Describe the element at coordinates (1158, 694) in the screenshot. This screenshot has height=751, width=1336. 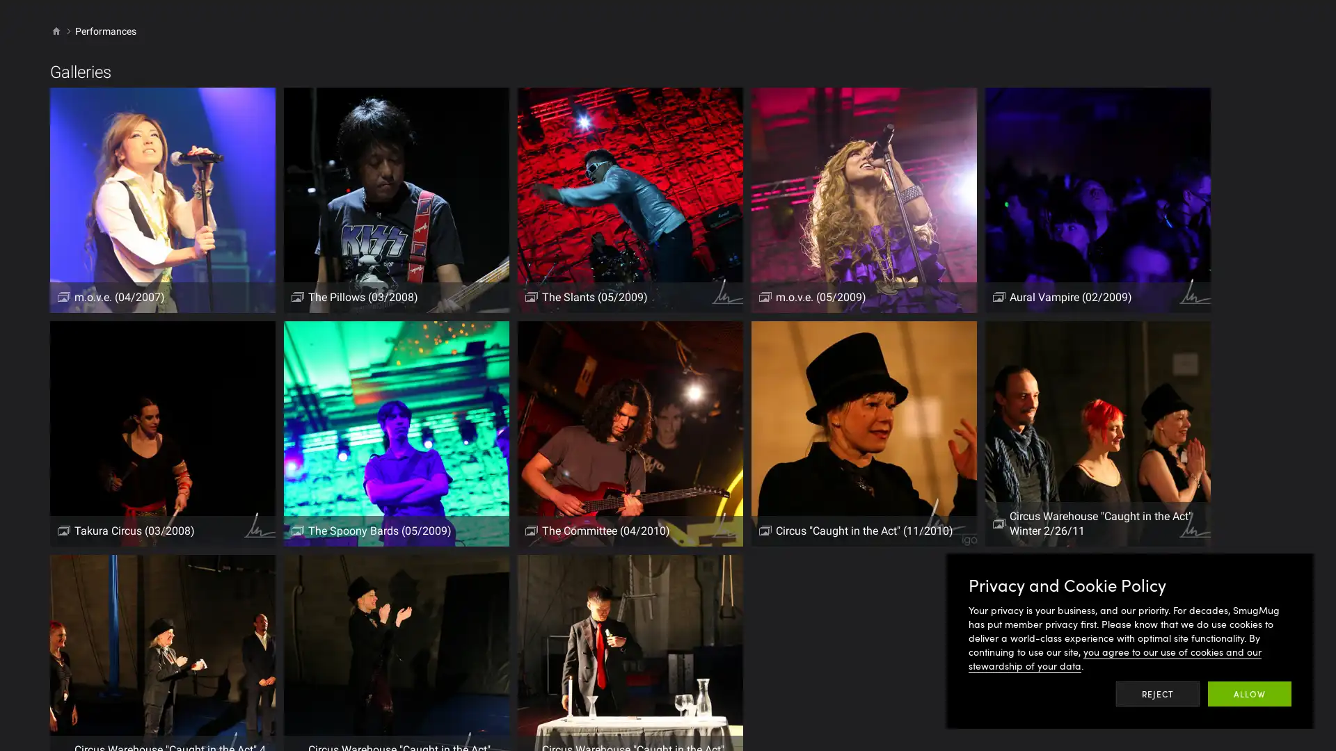
I see `REJECT` at that location.